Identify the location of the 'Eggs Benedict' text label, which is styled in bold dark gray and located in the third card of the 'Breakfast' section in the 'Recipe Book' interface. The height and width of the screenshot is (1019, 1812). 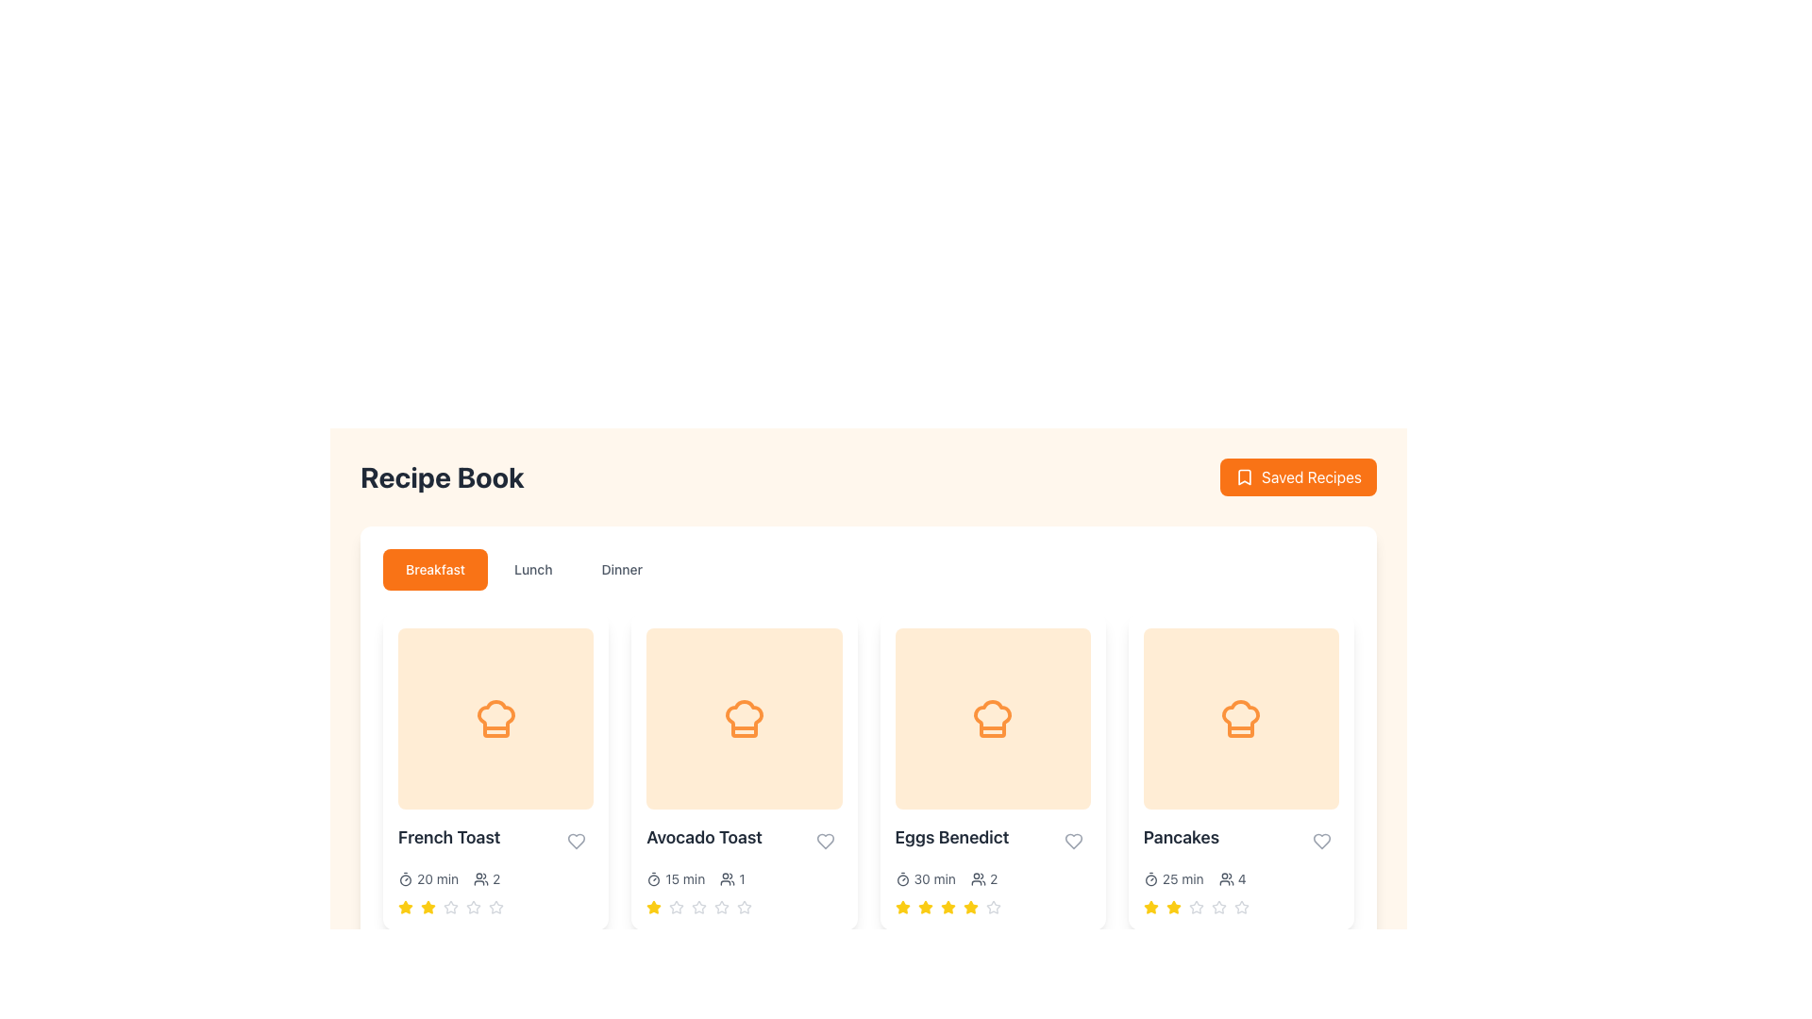
(992, 840).